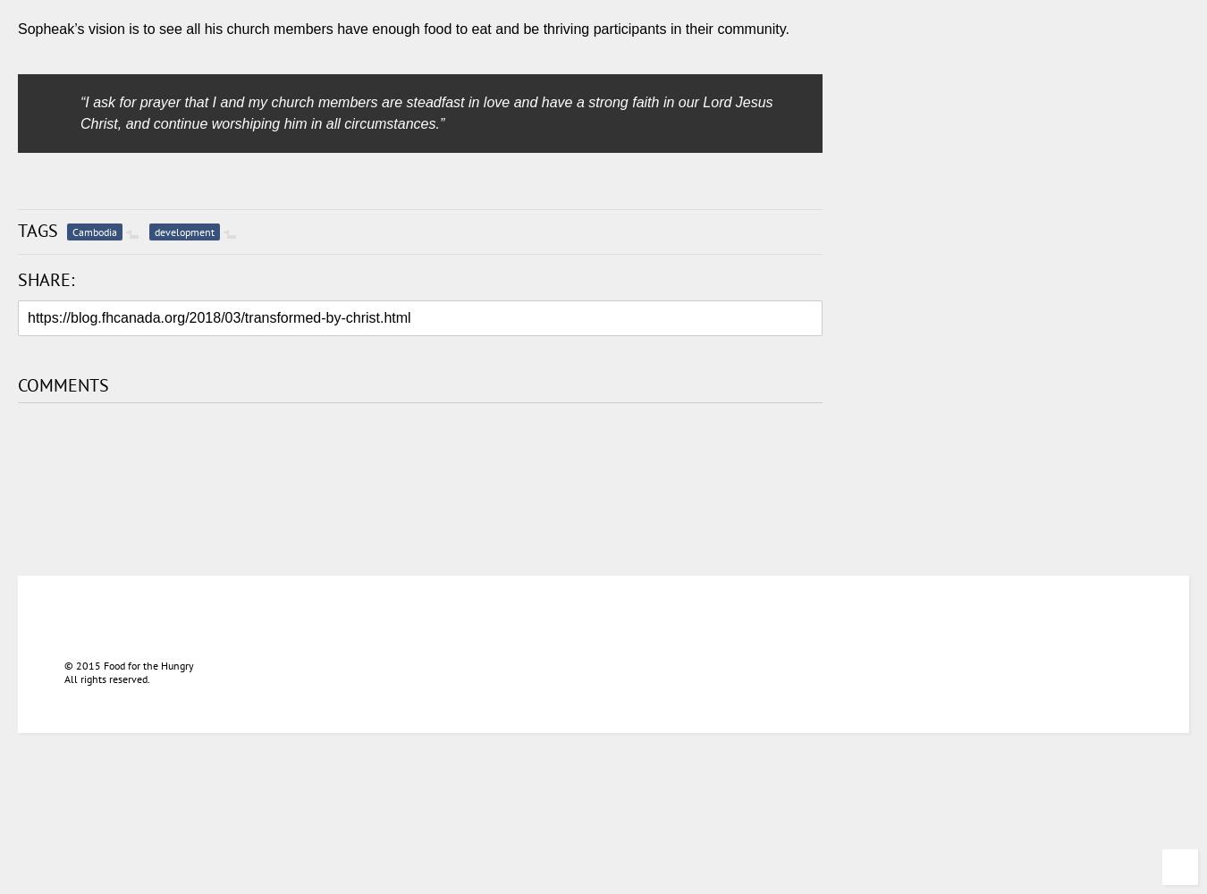 This screenshot has height=894, width=1207. What do you see at coordinates (16, 230) in the screenshot?
I see `'Tags'` at bounding box center [16, 230].